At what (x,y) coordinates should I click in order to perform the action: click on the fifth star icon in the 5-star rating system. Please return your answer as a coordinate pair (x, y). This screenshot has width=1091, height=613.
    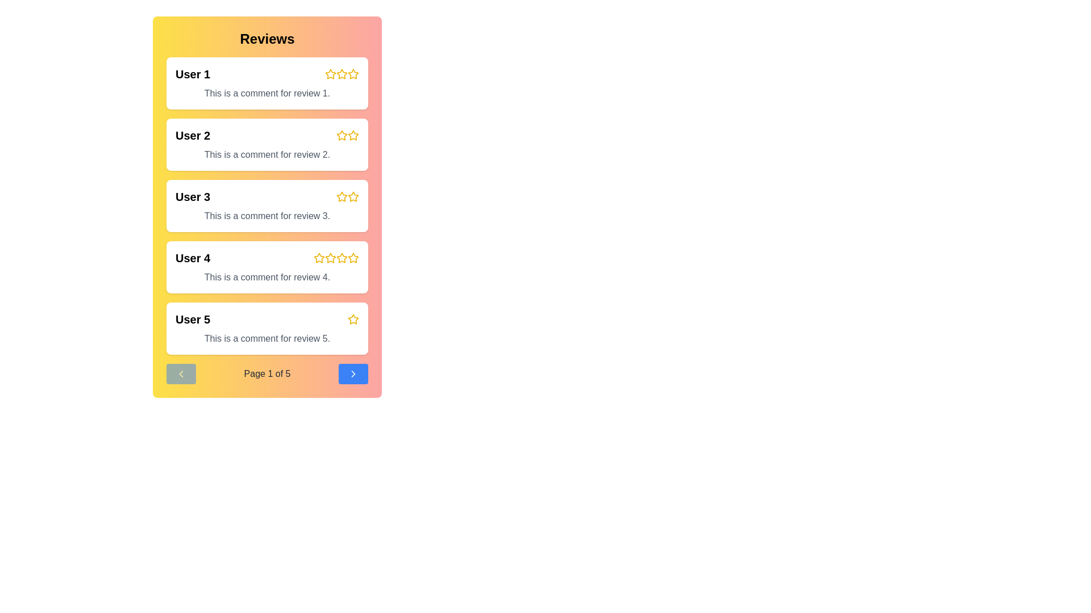
    Looking at the image, I should click on (353, 258).